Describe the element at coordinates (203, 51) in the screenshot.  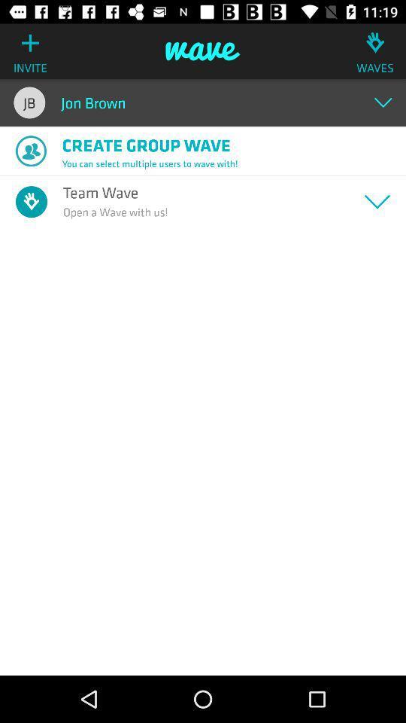
I see `the icon next to waves` at that location.